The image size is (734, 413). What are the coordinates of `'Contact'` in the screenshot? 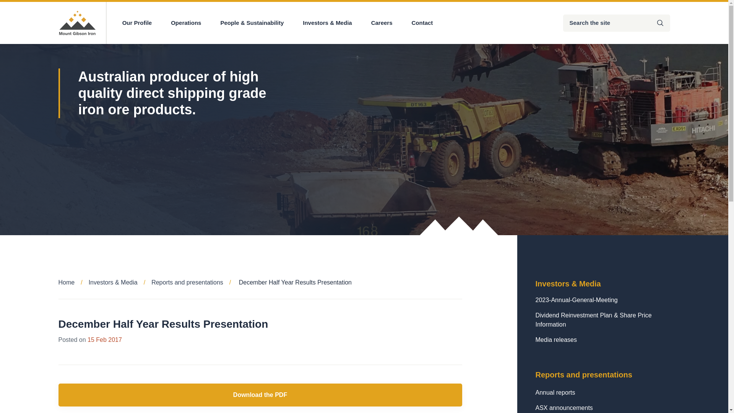 It's located at (411, 23).